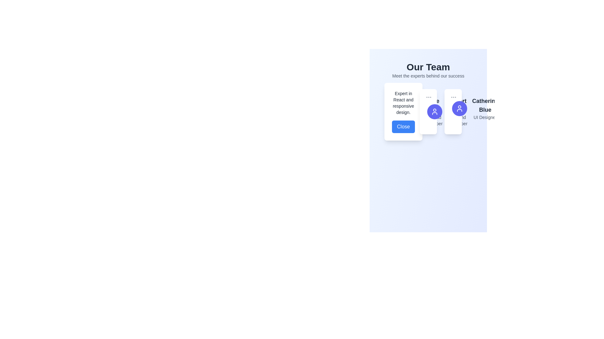  I want to click on the static text label positioned directly beneath the header 'Our Team', which provides additional detail or context to the section, so click(428, 76).